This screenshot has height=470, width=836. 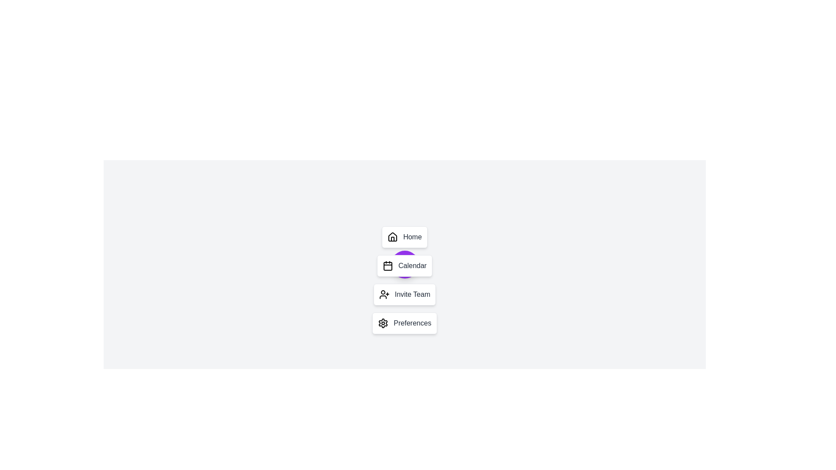 What do you see at coordinates (404, 323) in the screenshot?
I see `the fourth button in the vertical stack that navigates to application preferences to observe any visual response` at bounding box center [404, 323].